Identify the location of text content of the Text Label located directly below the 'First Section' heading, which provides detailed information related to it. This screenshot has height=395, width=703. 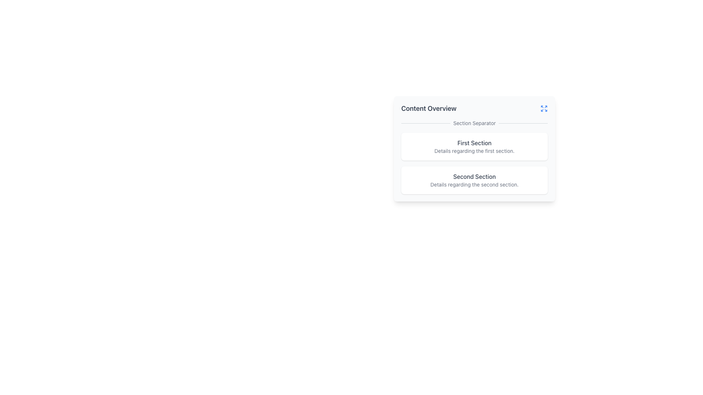
(475, 150).